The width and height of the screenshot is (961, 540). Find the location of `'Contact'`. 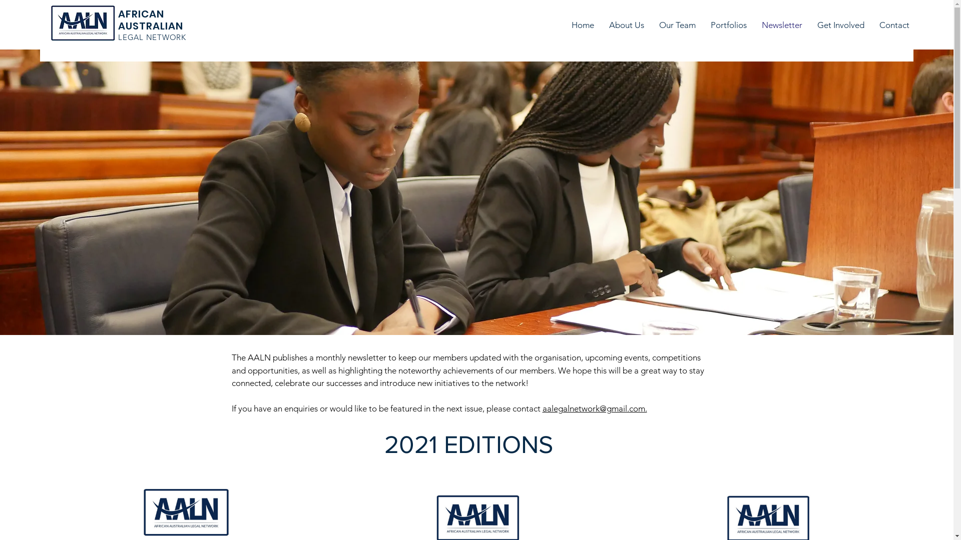

'Contact' is located at coordinates (894, 24).